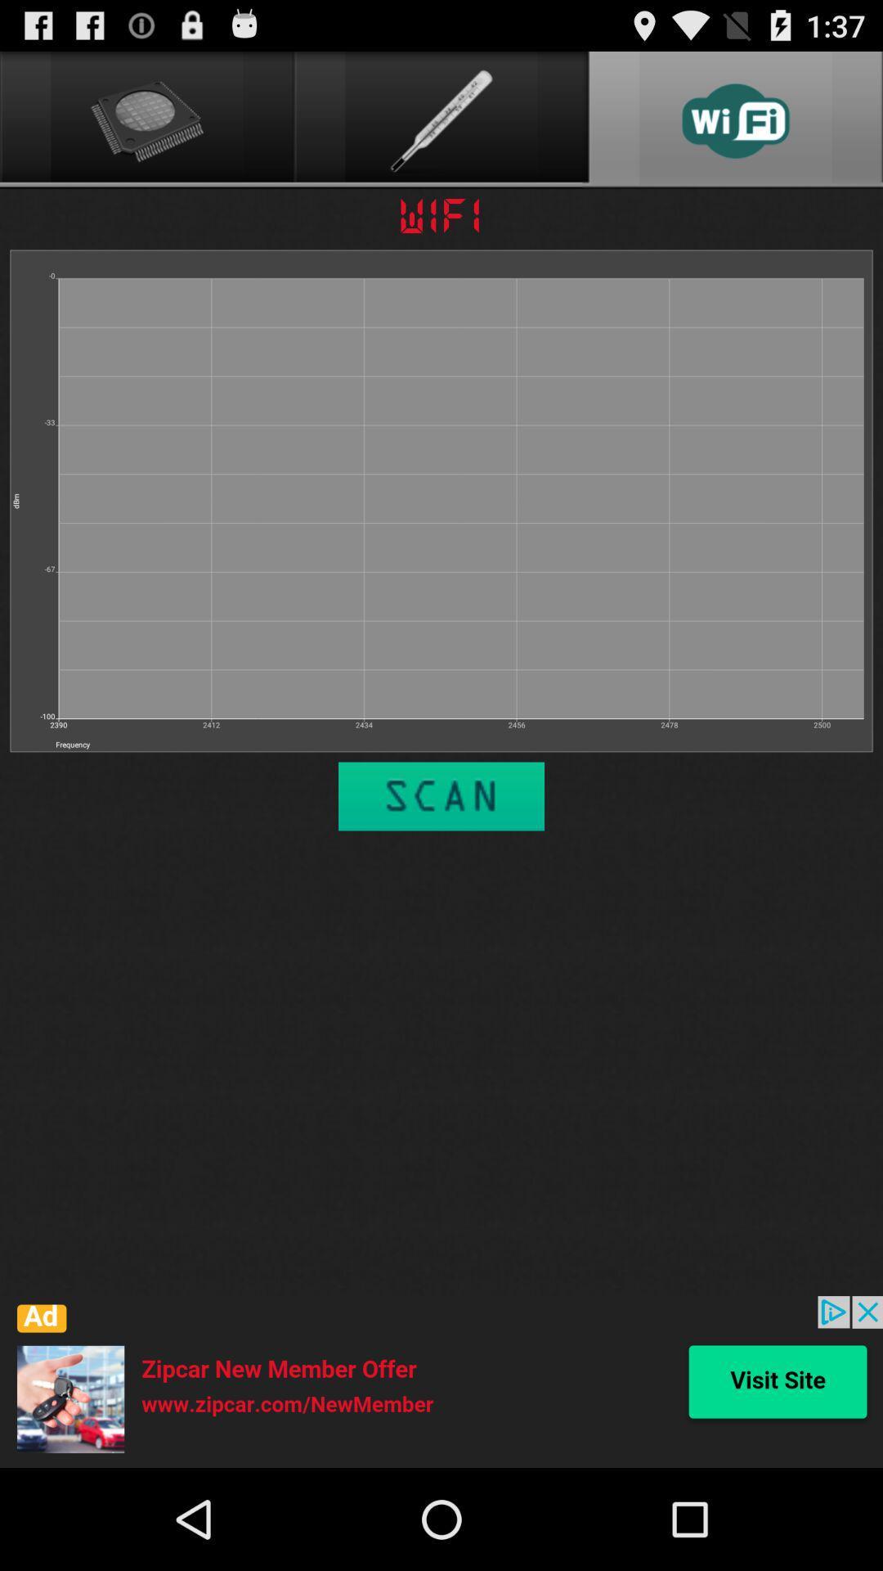 This screenshot has height=1571, width=883. What do you see at coordinates (441, 1381) in the screenshot?
I see `open advertisement` at bounding box center [441, 1381].